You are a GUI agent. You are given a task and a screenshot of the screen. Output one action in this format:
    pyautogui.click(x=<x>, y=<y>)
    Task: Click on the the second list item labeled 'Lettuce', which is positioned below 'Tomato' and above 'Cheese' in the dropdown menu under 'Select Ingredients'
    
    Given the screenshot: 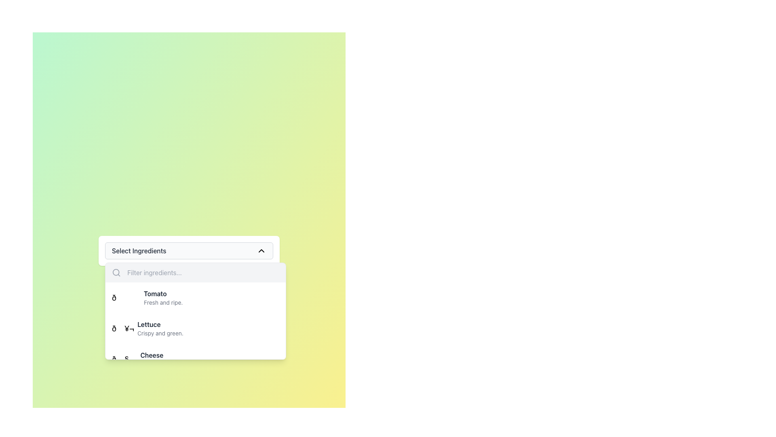 What is the action you would take?
    pyautogui.click(x=148, y=329)
    